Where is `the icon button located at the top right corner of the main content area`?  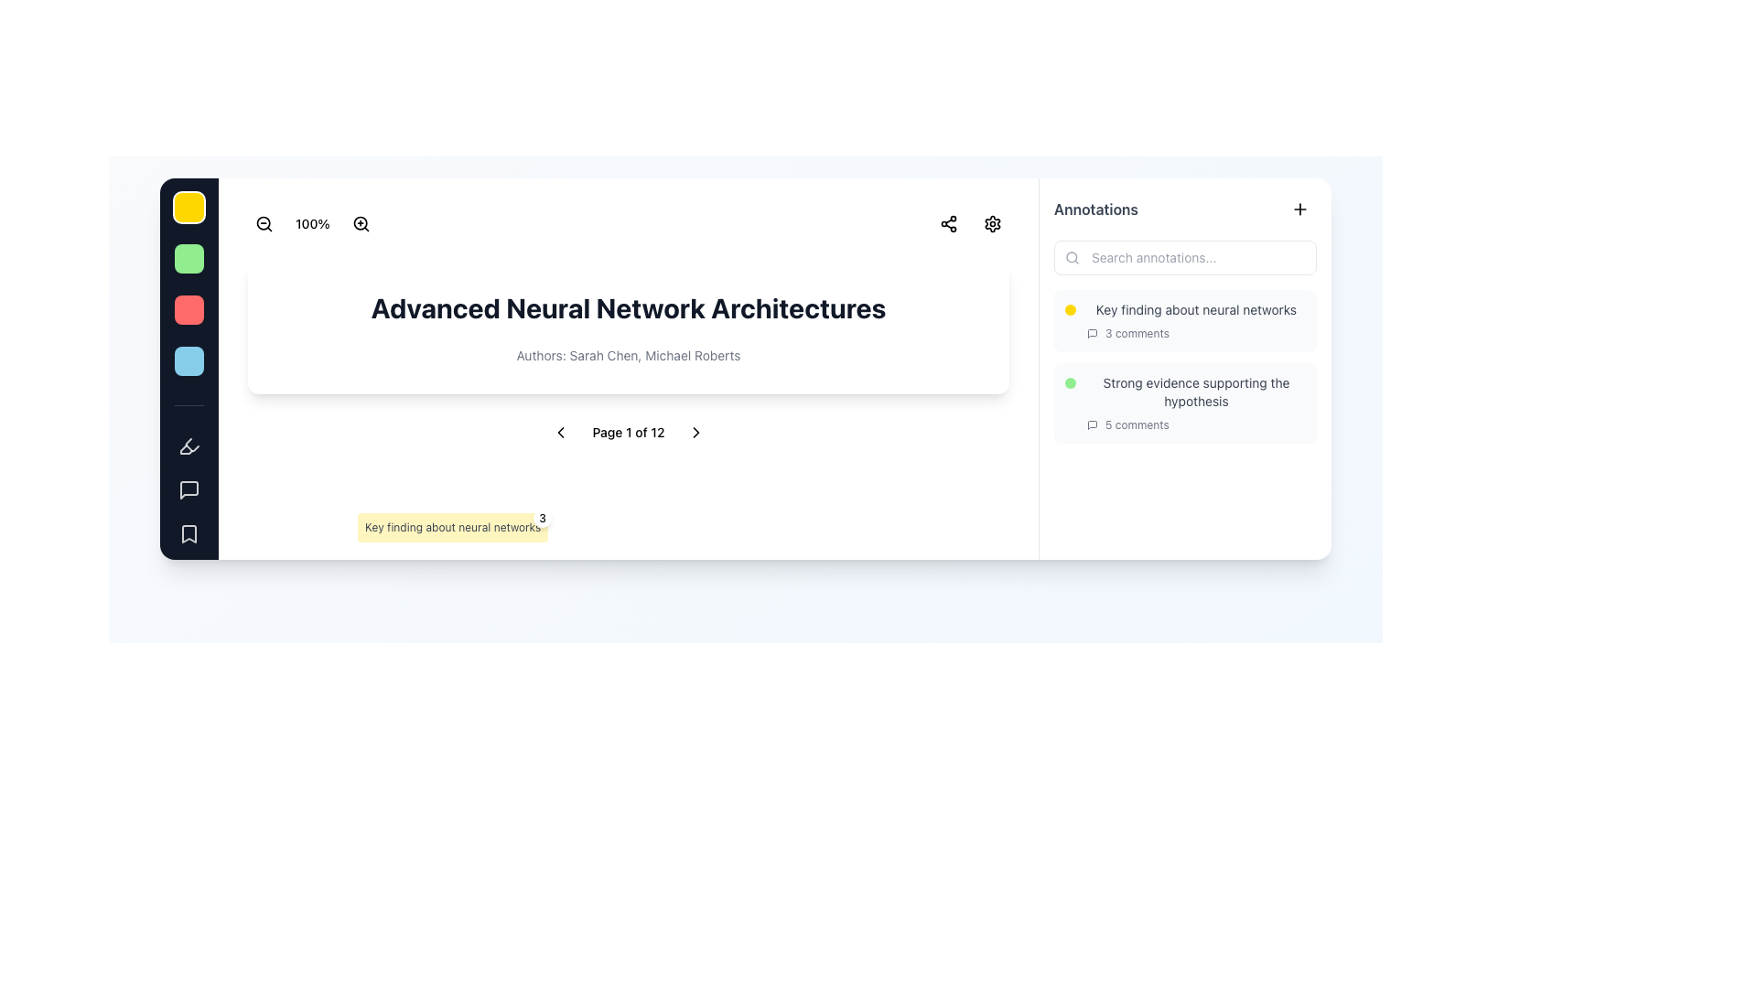 the icon button located at the top right corner of the main content area is located at coordinates (991, 223).